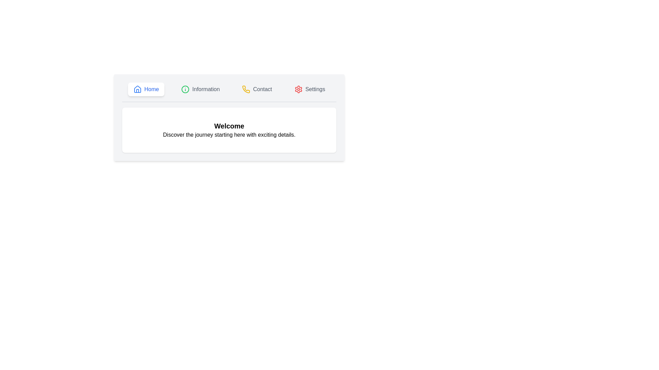 Image resolution: width=659 pixels, height=370 pixels. Describe the element at coordinates (185, 89) in the screenshot. I see `the information icon located in the second position from the left in the top navigation bar` at that location.